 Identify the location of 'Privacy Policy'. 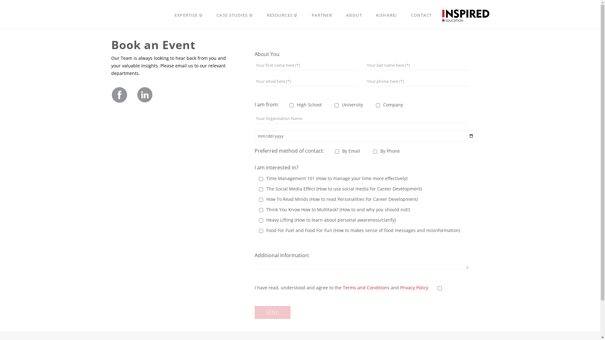
(414, 287).